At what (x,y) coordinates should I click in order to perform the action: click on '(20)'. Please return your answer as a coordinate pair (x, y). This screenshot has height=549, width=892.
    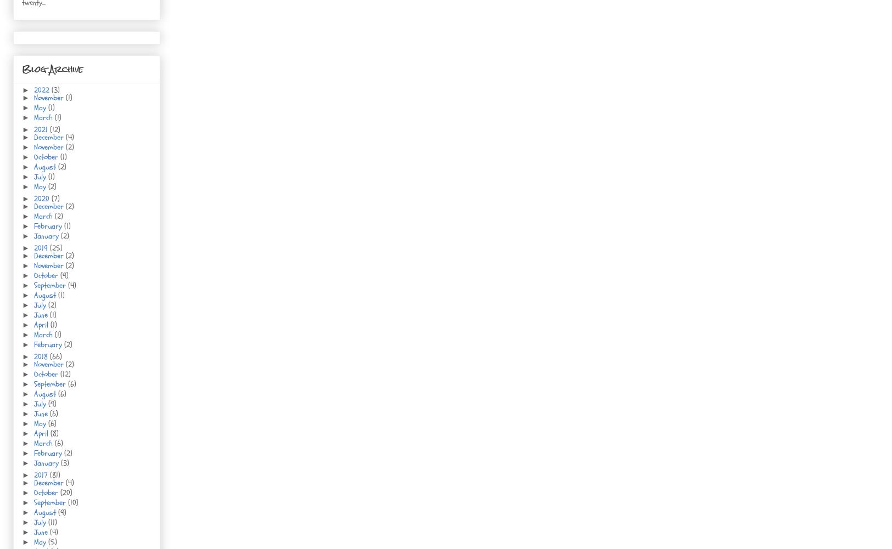
    Looking at the image, I should click on (66, 493).